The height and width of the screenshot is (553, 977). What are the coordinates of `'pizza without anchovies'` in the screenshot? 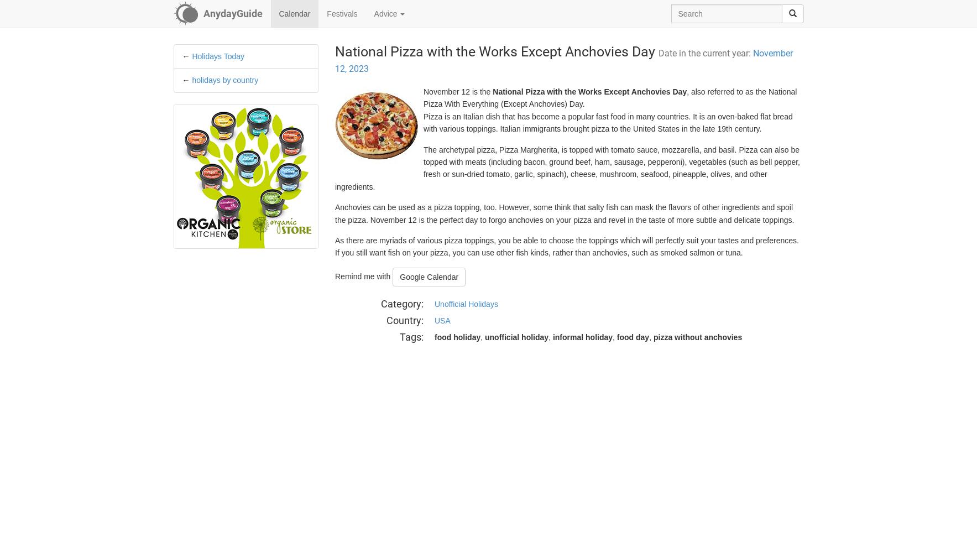 It's located at (652, 337).